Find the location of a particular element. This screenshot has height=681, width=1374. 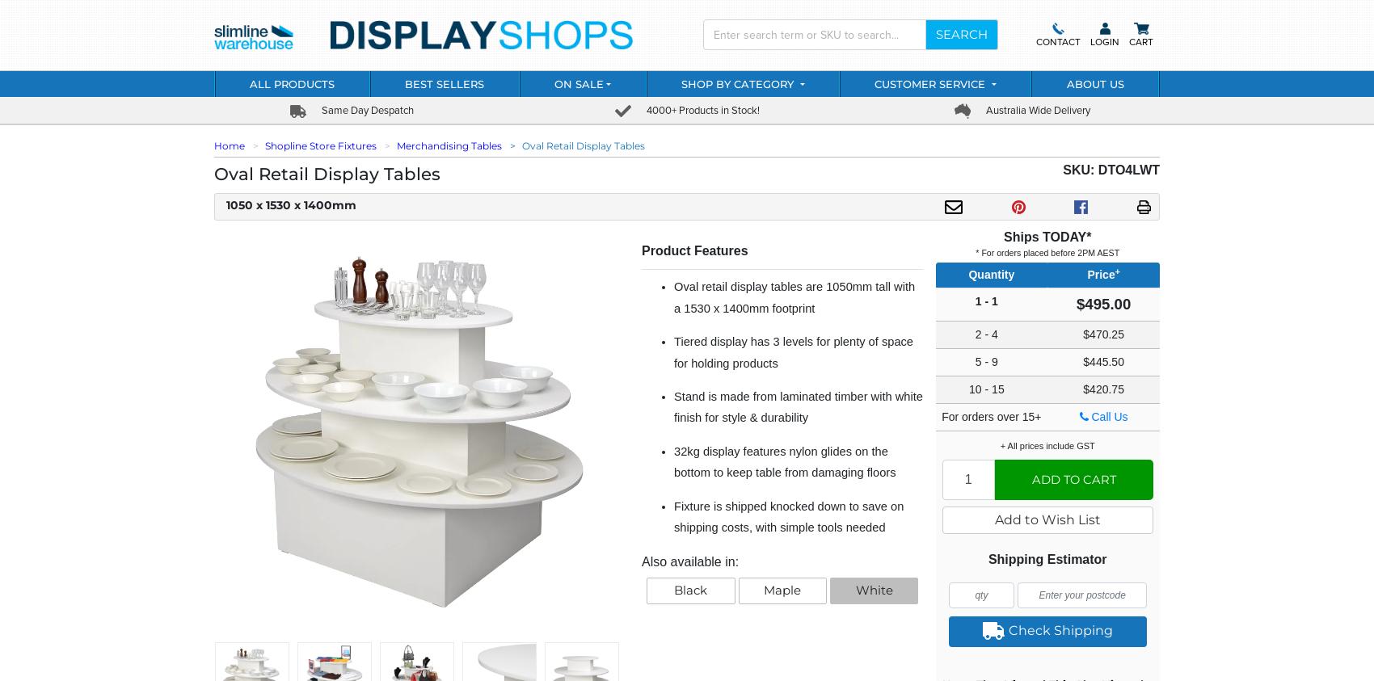

'Home' is located at coordinates (230, 145).